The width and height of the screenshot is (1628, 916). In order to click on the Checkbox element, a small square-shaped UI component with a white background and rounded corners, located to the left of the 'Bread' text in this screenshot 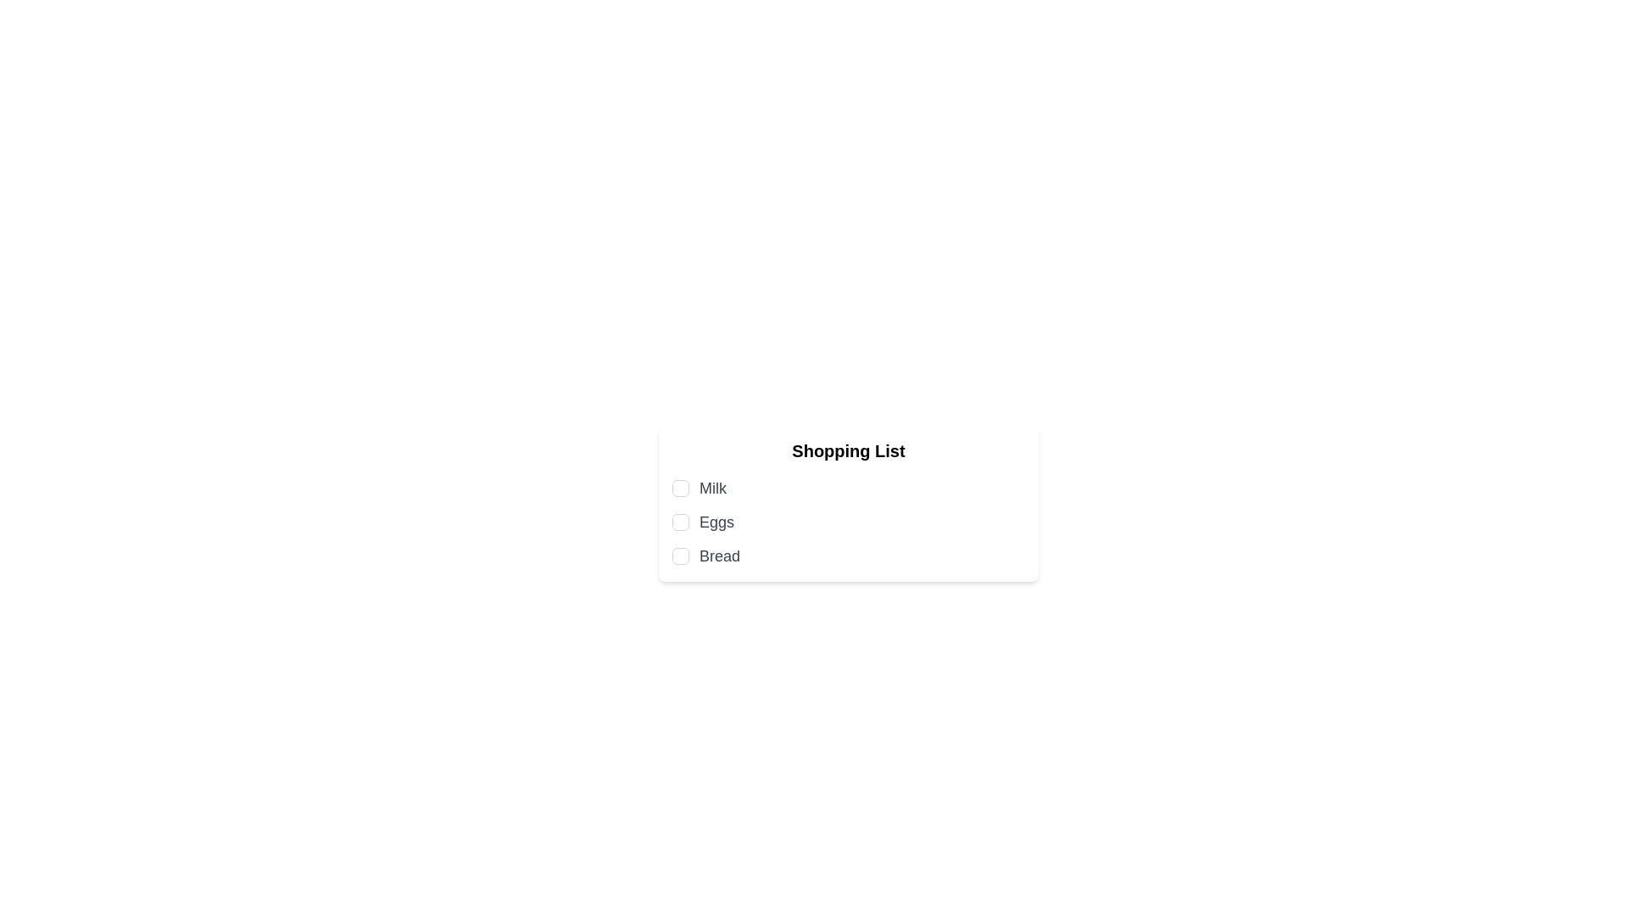, I will do `click(680, 556)`.